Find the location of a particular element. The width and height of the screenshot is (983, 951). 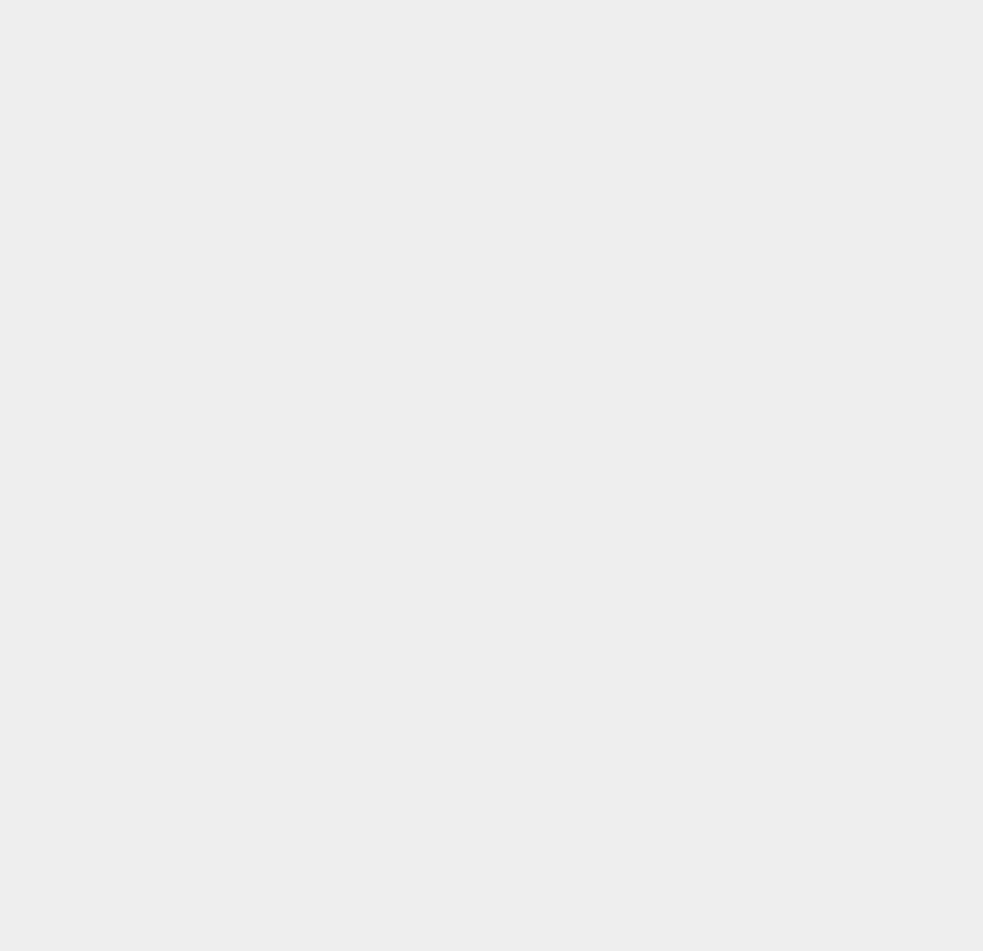

'ZTE' is located at coordinates (706, 169).